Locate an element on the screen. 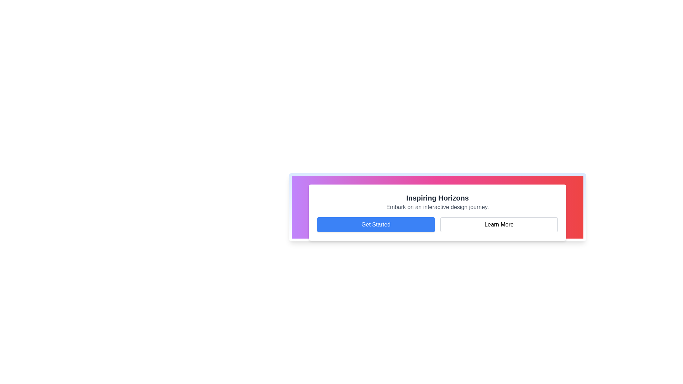 This screenshot has height=384, width=683. text display containing 'Inspiring Horizons', which is styled in bold black font against a white background, positioned above the subtitle and buttons is located at coordinates (437, 198).